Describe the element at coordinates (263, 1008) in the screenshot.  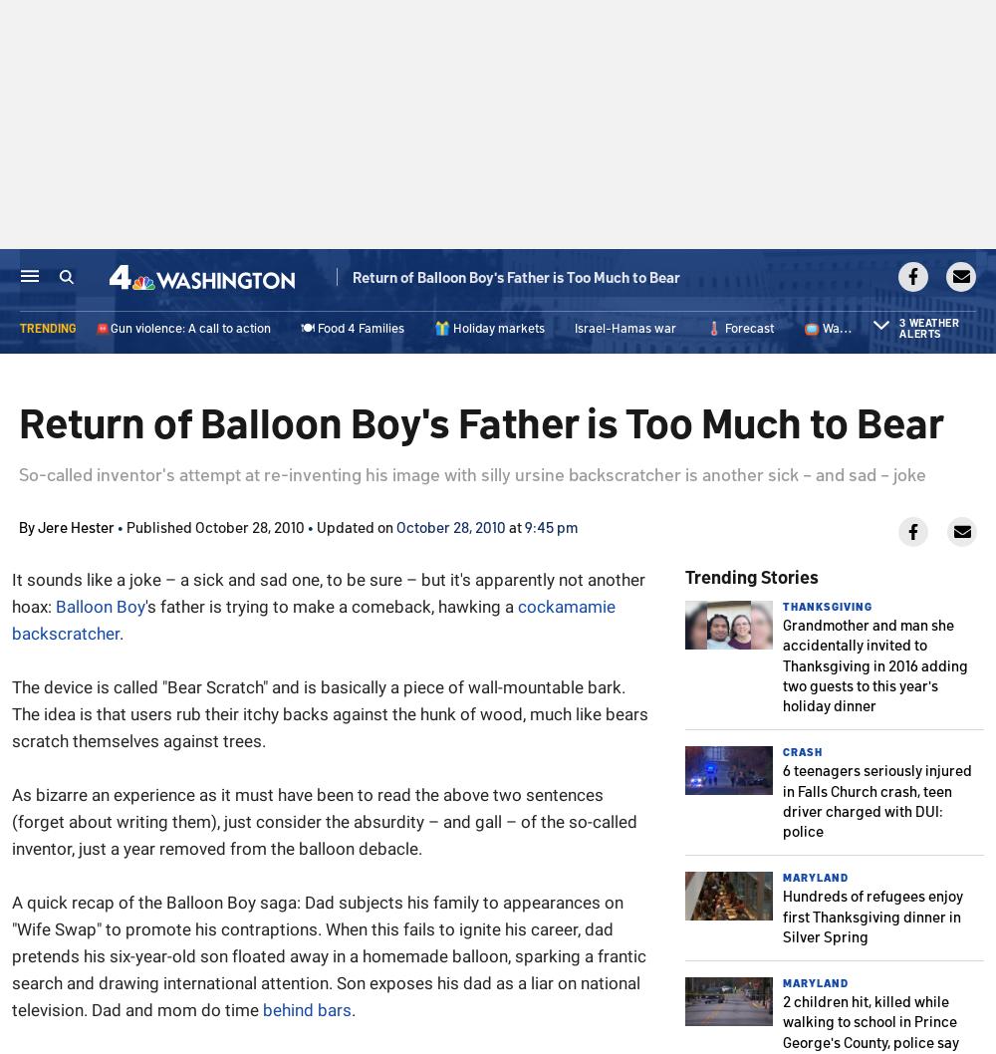
I see `'behind bars'` at that location.